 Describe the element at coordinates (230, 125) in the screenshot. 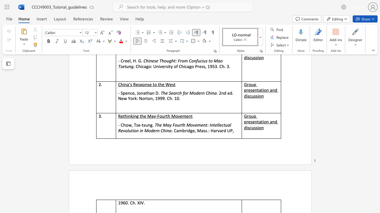

I see `the subset text "l Rev" within the text "The May Fourth Movement: Intellectual Revolution in Modern China"` at that location.